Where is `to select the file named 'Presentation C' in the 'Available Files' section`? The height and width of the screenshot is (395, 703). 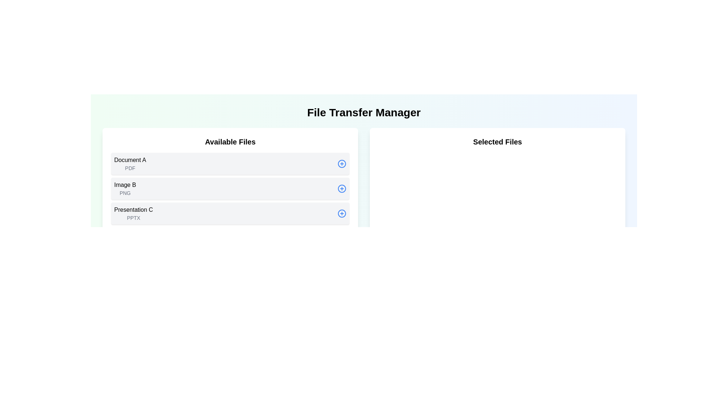
to select the file named 'Presentation C' in the 'Available Files' section is located at coordinates (230, 213).